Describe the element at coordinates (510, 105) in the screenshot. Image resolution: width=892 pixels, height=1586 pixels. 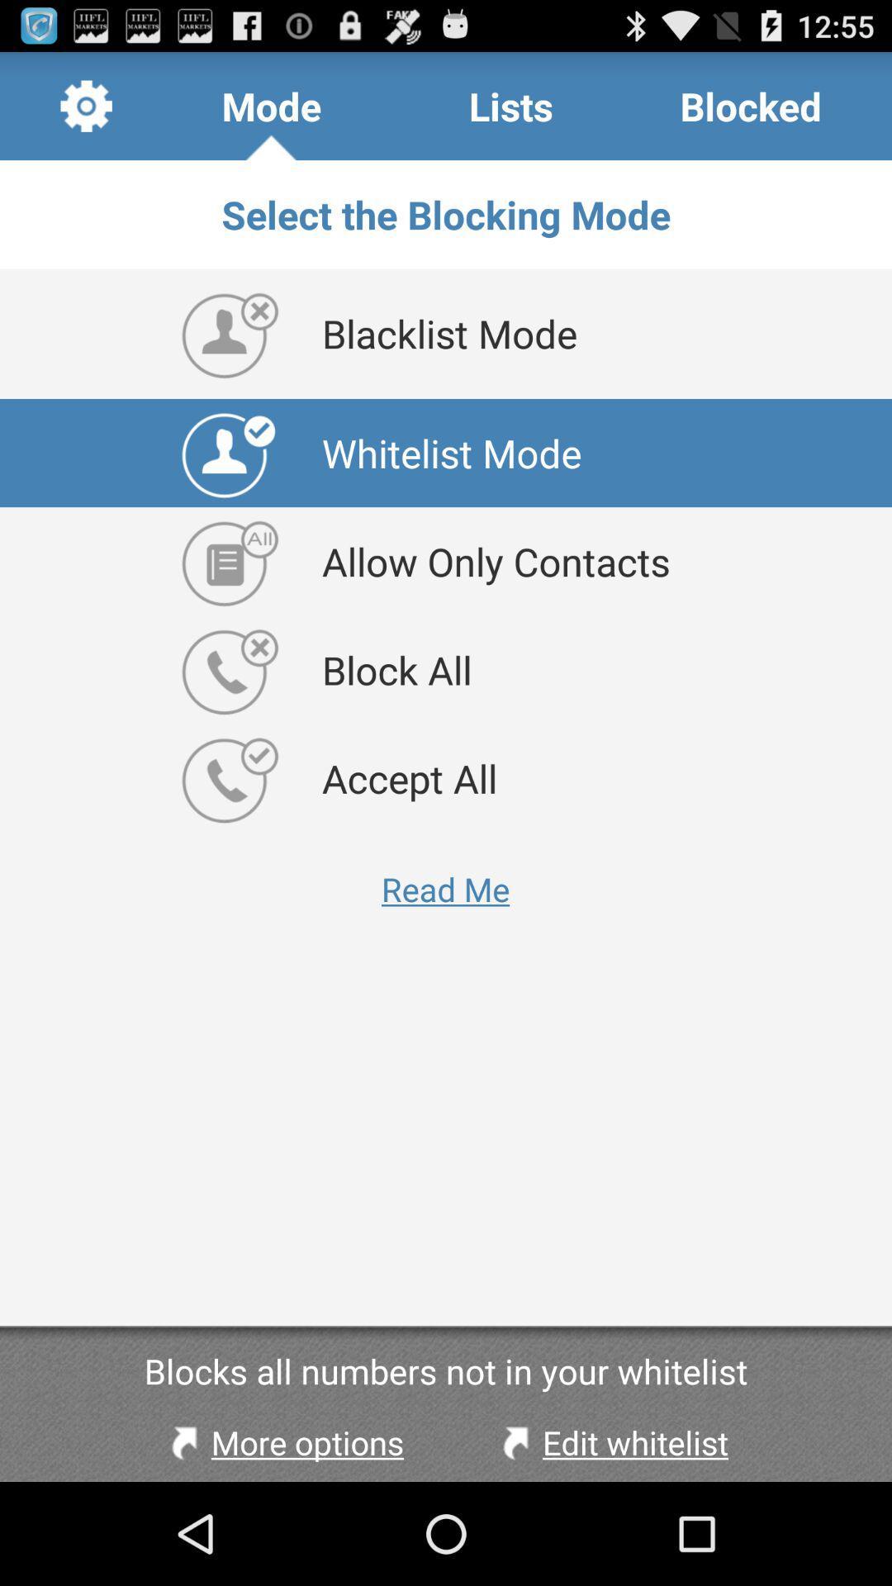
I see `the item above select the blocking icon` at that location.